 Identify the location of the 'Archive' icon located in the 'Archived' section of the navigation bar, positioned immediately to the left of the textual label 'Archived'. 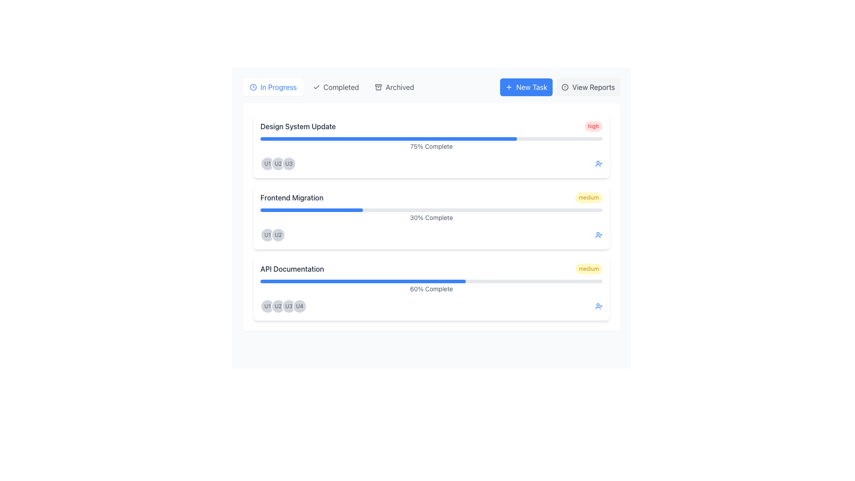
(379, 87).